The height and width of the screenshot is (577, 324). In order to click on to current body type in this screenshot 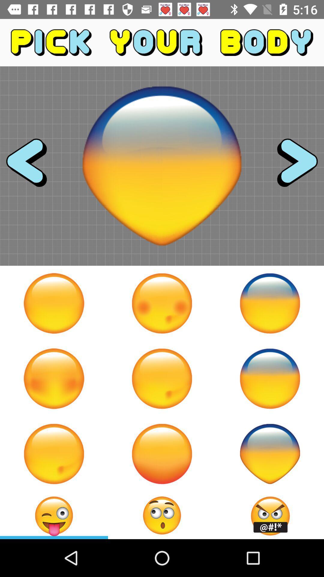, I will do `click(54, 515)`.